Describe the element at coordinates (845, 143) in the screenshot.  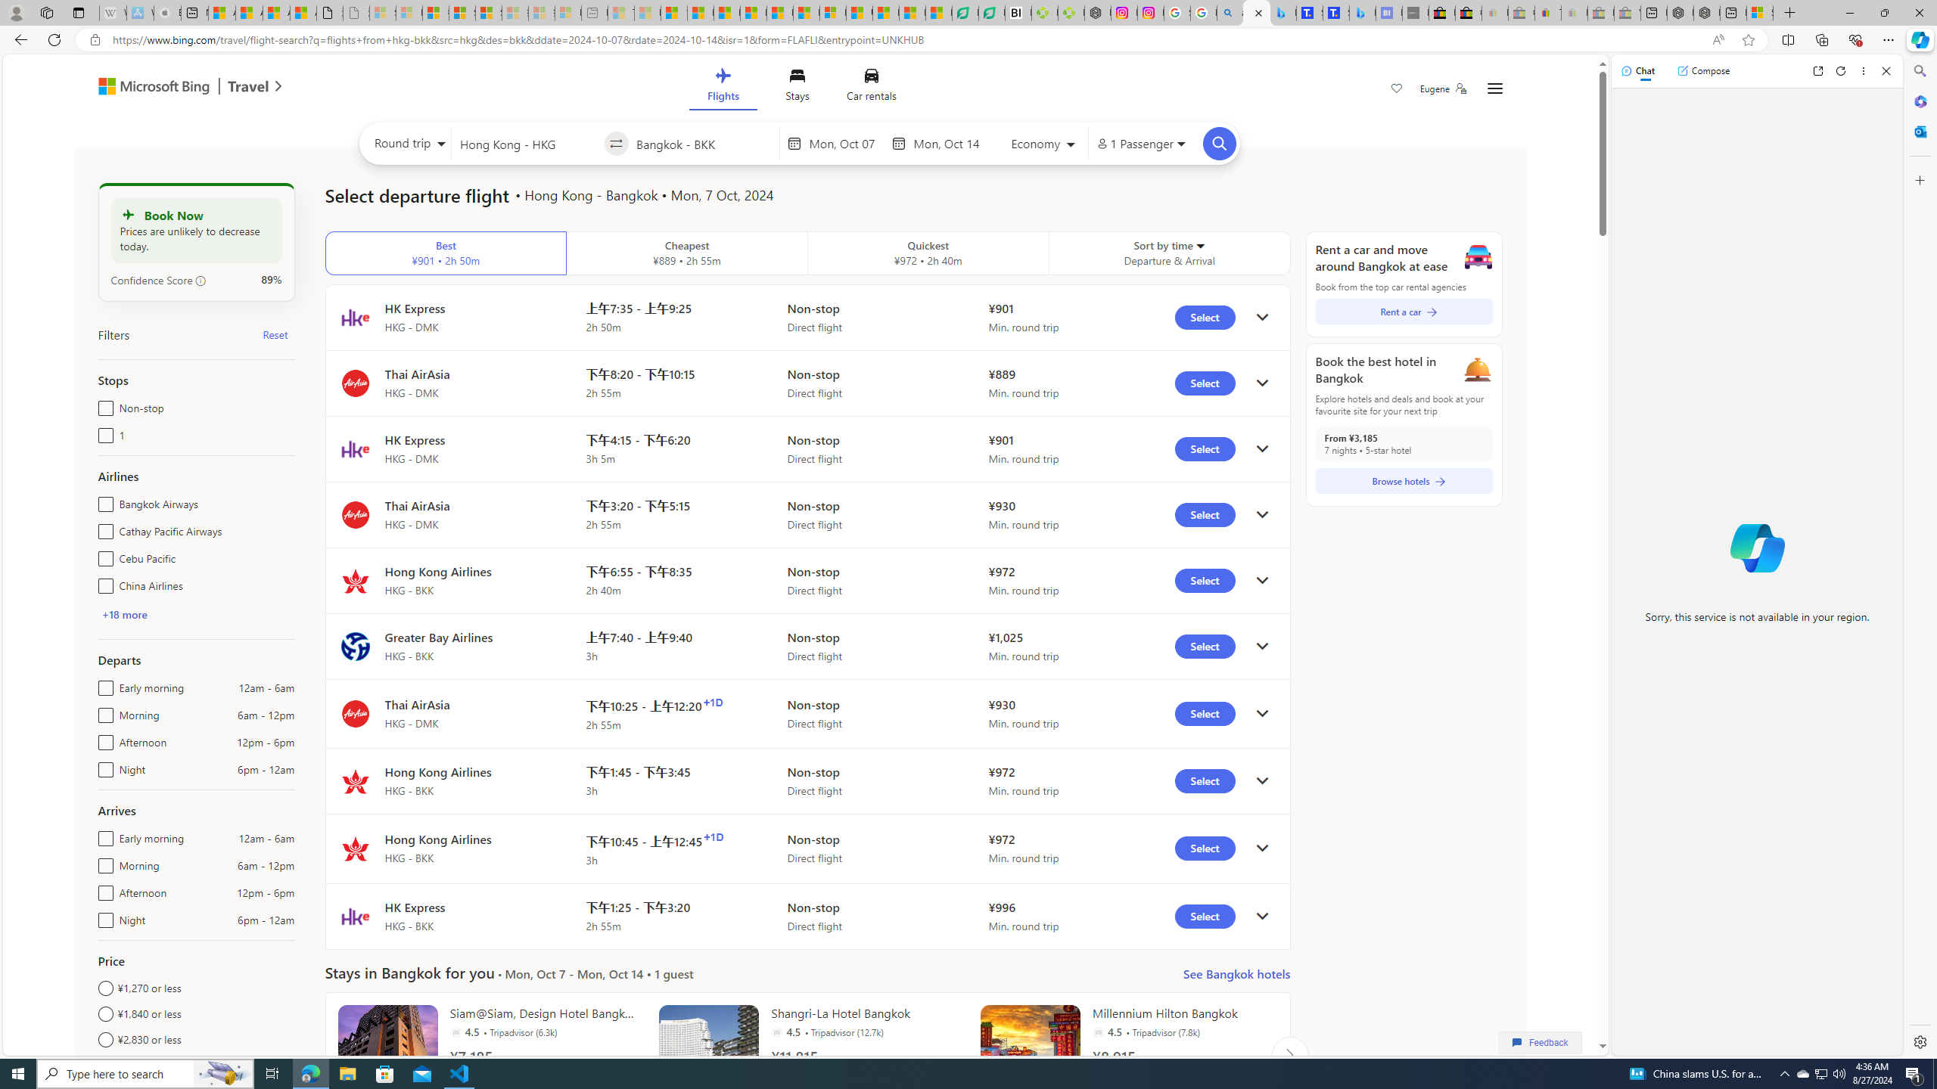
I see `'Start Date'` at that location.